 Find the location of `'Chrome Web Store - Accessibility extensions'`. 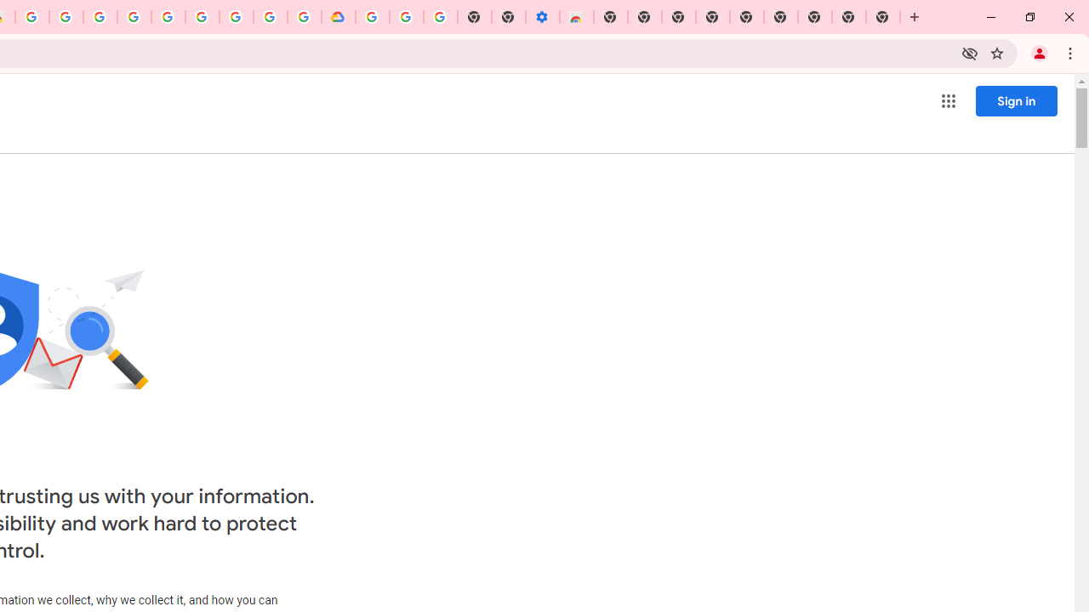

'Chrome Web Store - Accessibility extensions' is located at coordinates (576, 17).